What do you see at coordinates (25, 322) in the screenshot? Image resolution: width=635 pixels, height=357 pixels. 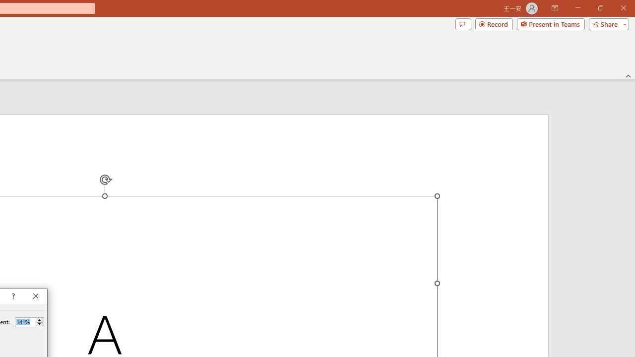 I see `'Percent'` at bounding box center [25, 322].